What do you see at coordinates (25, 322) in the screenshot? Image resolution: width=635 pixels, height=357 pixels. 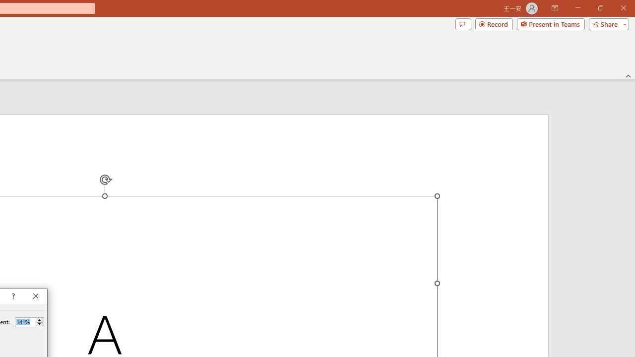 I see `'Percent'` at bounding box center [25, 322].